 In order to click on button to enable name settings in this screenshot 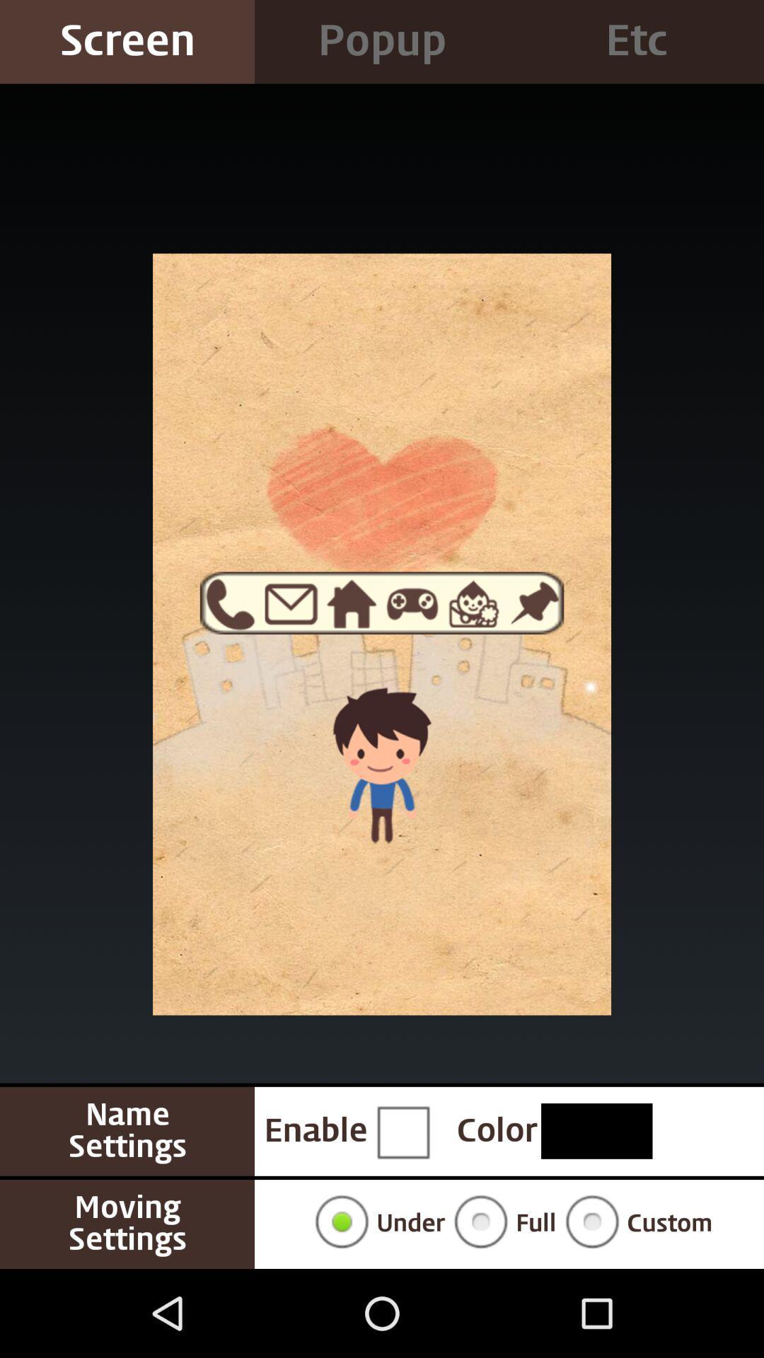, I will do `click(403, 1130)`.